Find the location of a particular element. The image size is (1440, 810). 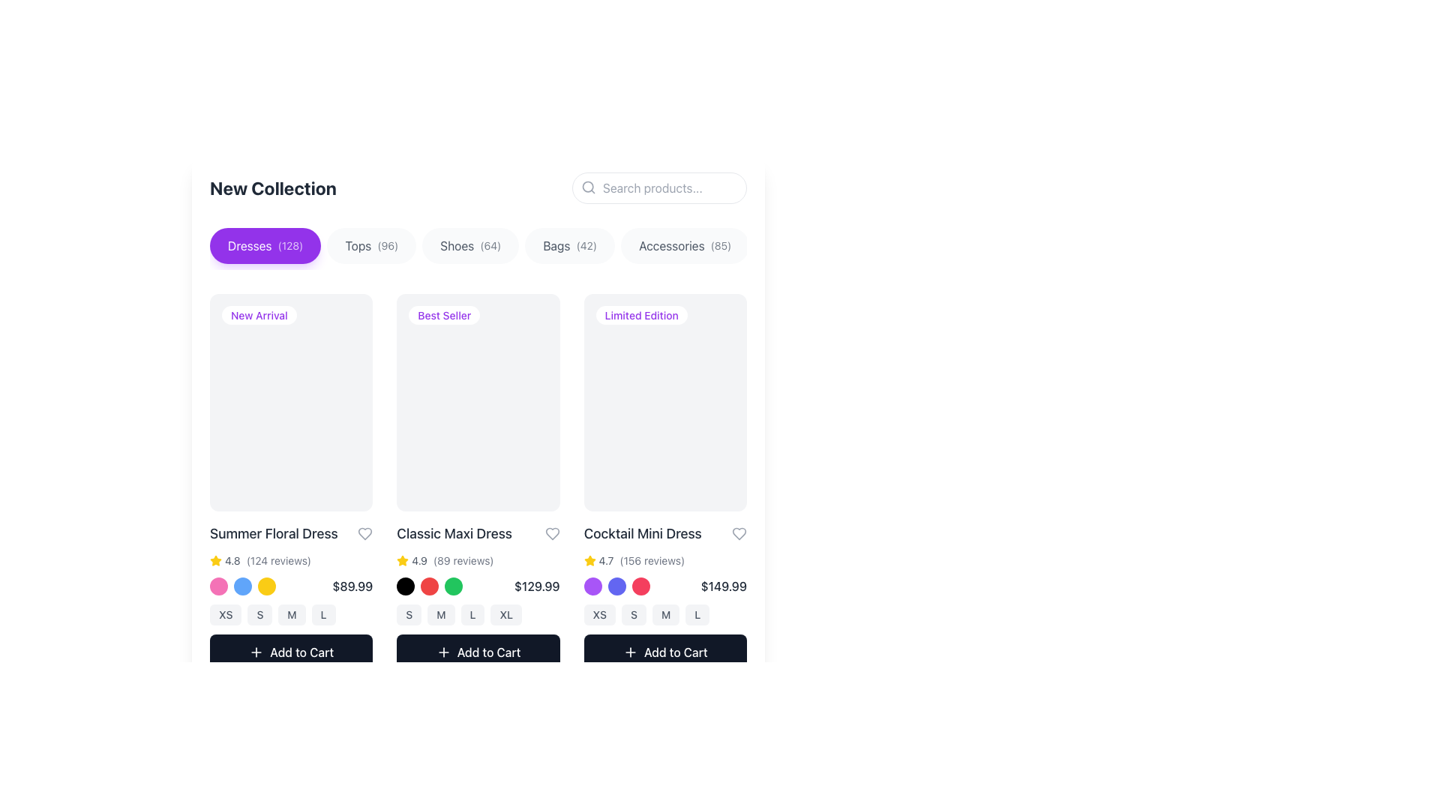

the small rectangular button labeled 'S' with a medium-sized gray font, located as the second item in the size options for the 'Cocktail Mini Dress' product card in the 'New Collection' section is located at coordinates (634, 614).